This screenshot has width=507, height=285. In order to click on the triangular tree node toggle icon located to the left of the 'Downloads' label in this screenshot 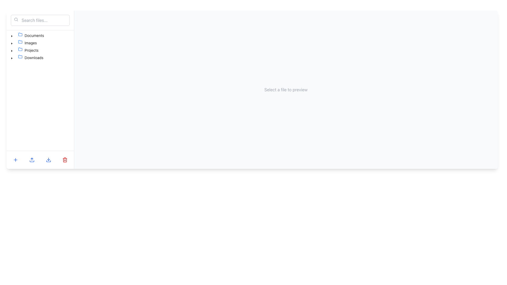, I will do `click(12, 58)`.